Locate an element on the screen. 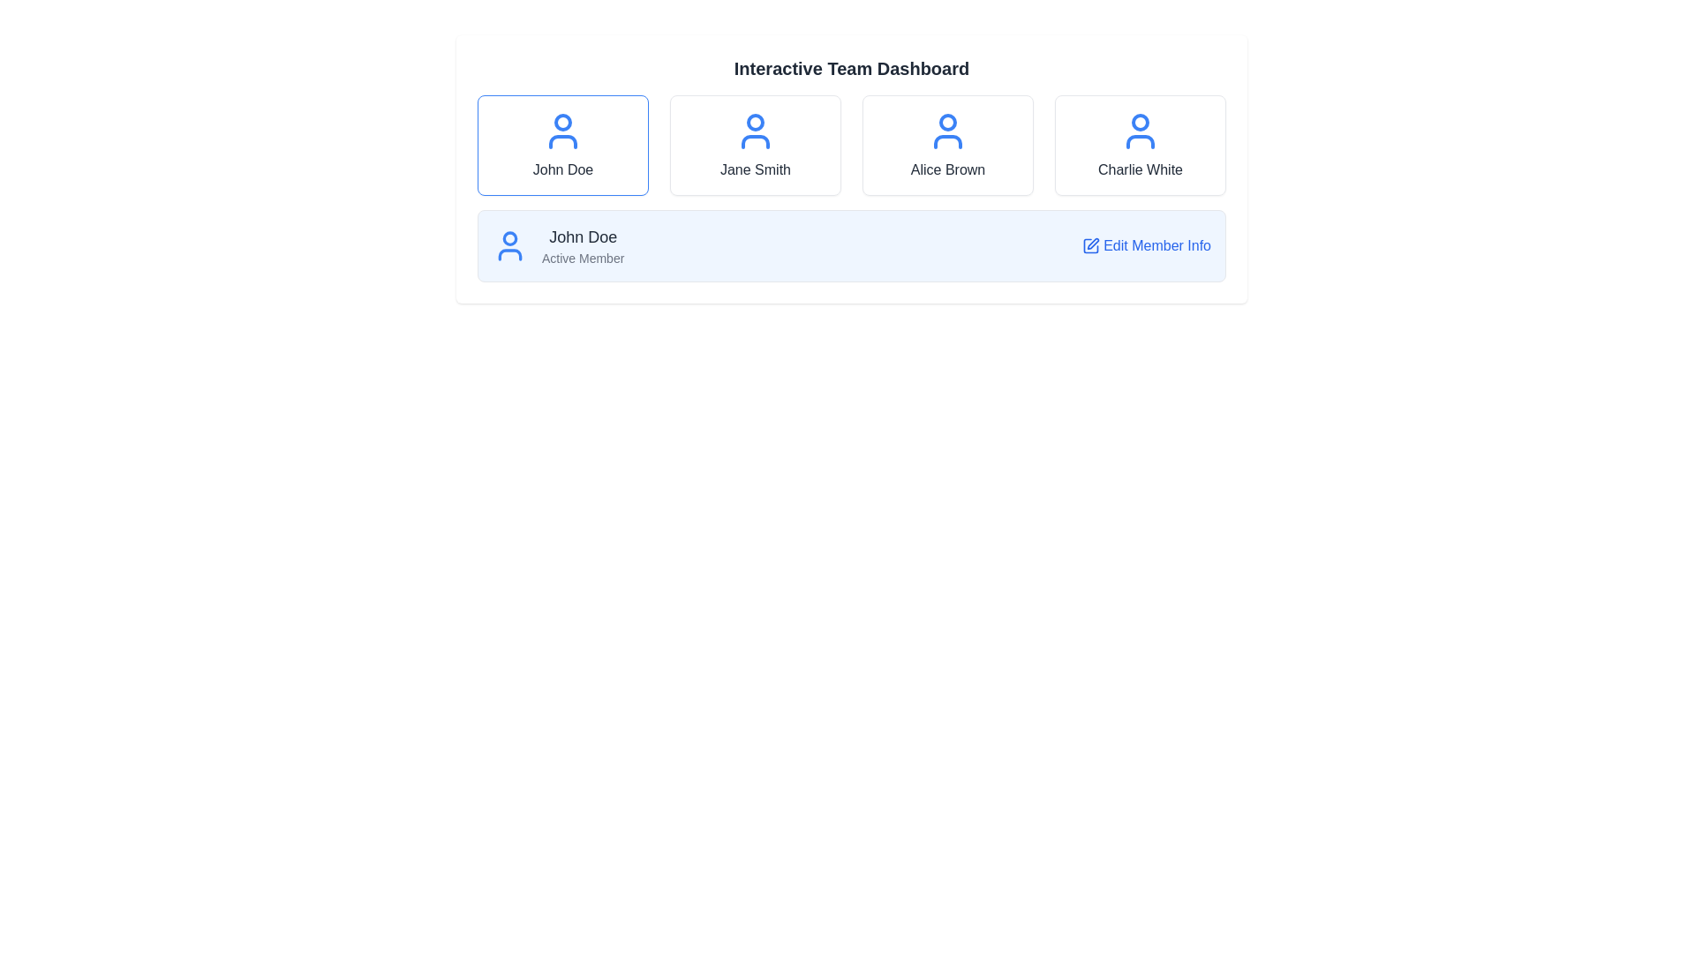  the design of the blue user icon, which is a minimalist representation of a user profile, located to the left of the user details section under the name 'John Doe' and the role 'Active Member' is located at coordinates (508, 245).